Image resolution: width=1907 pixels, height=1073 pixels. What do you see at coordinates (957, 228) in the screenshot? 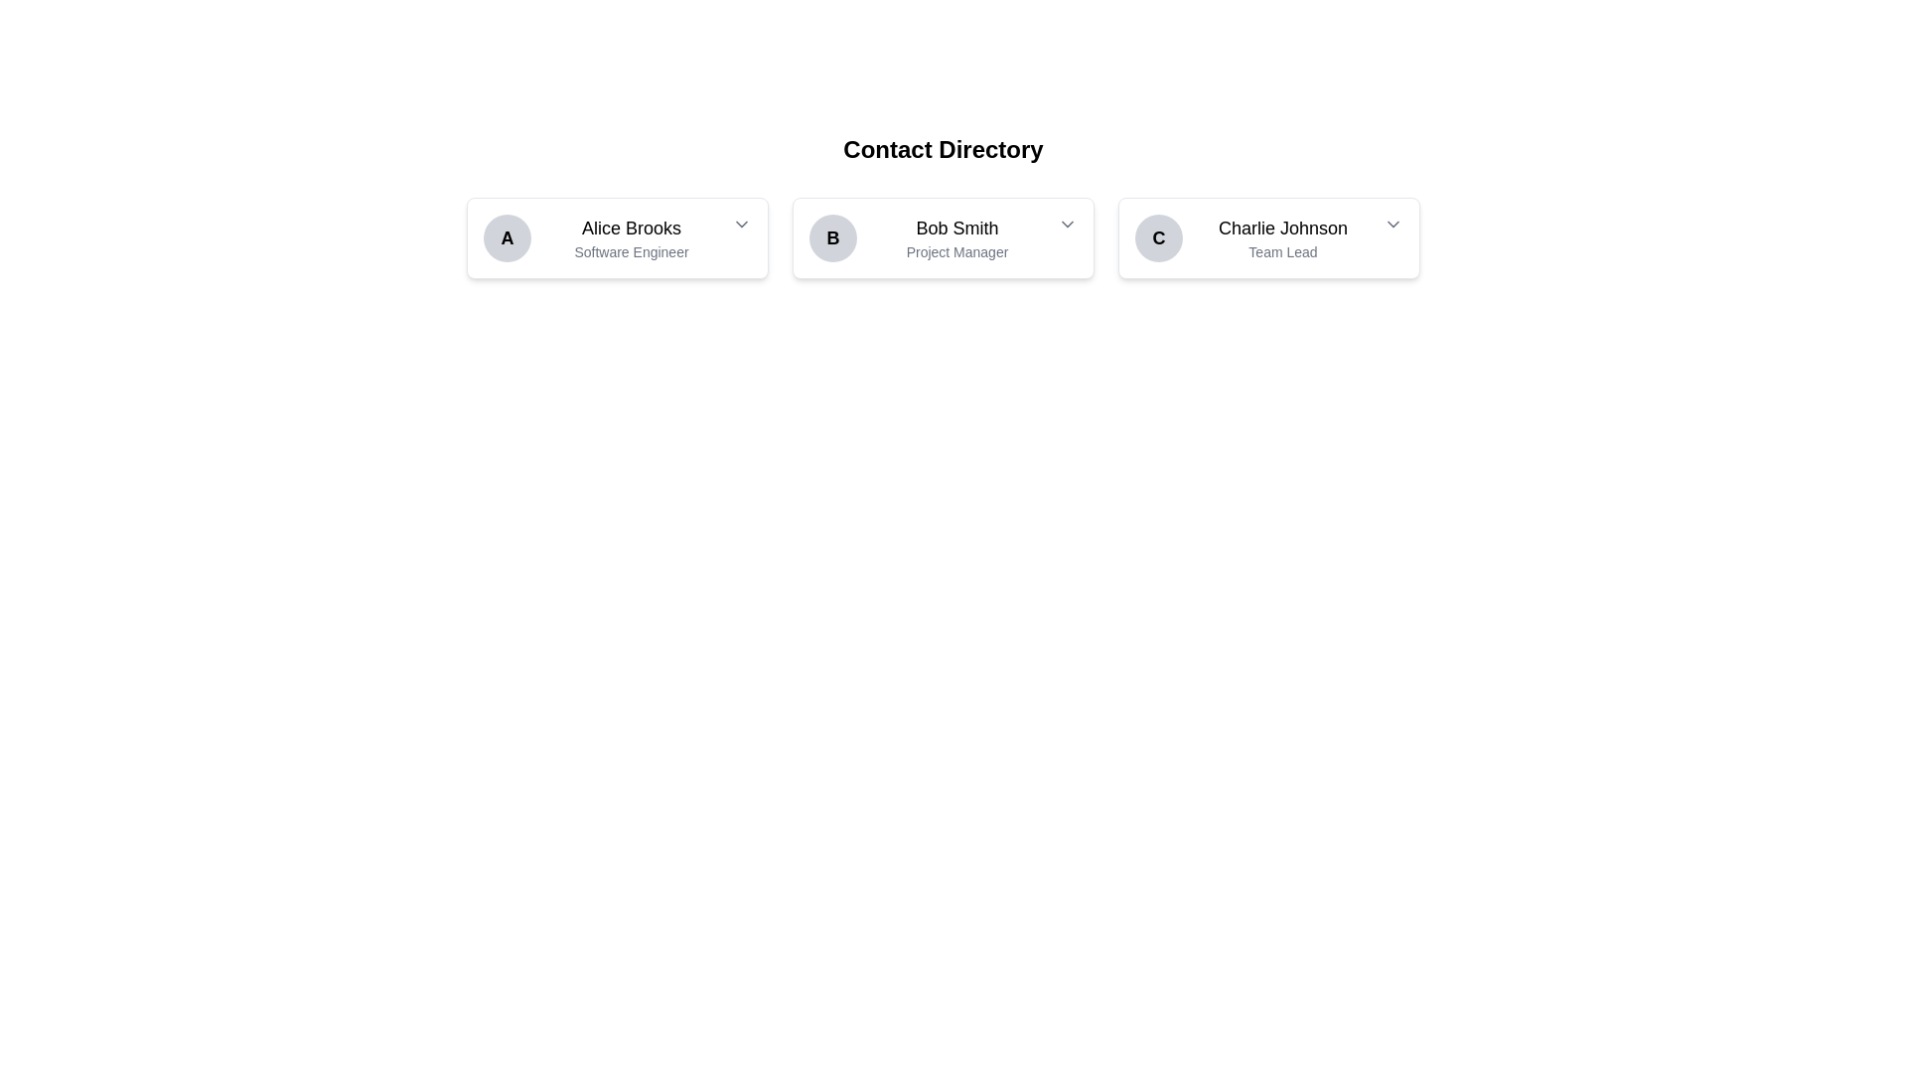
I see `the Text Display element that shows the name 'Bob Smith', which is located above the title 'Project Manager' in the center of the card structure` at bounding box center [957, 228].